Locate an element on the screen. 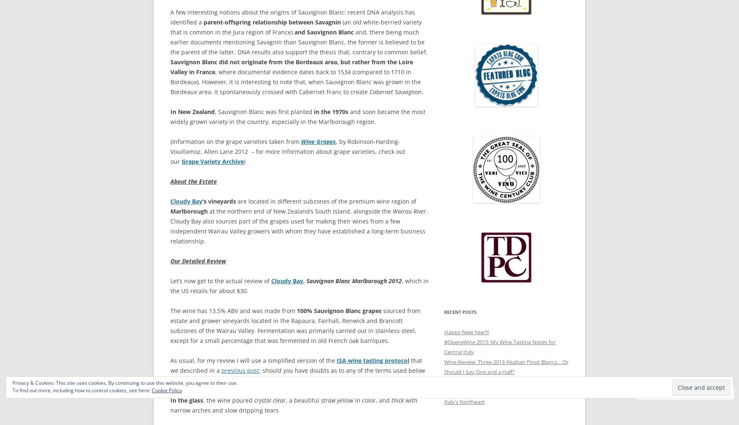  '. Cloudy Bay also sources part of the grapes used for making their wines from a few independent Wairau Valley growers with whom they have established a long-term business relationship.' is located at coordinates (299, 226).